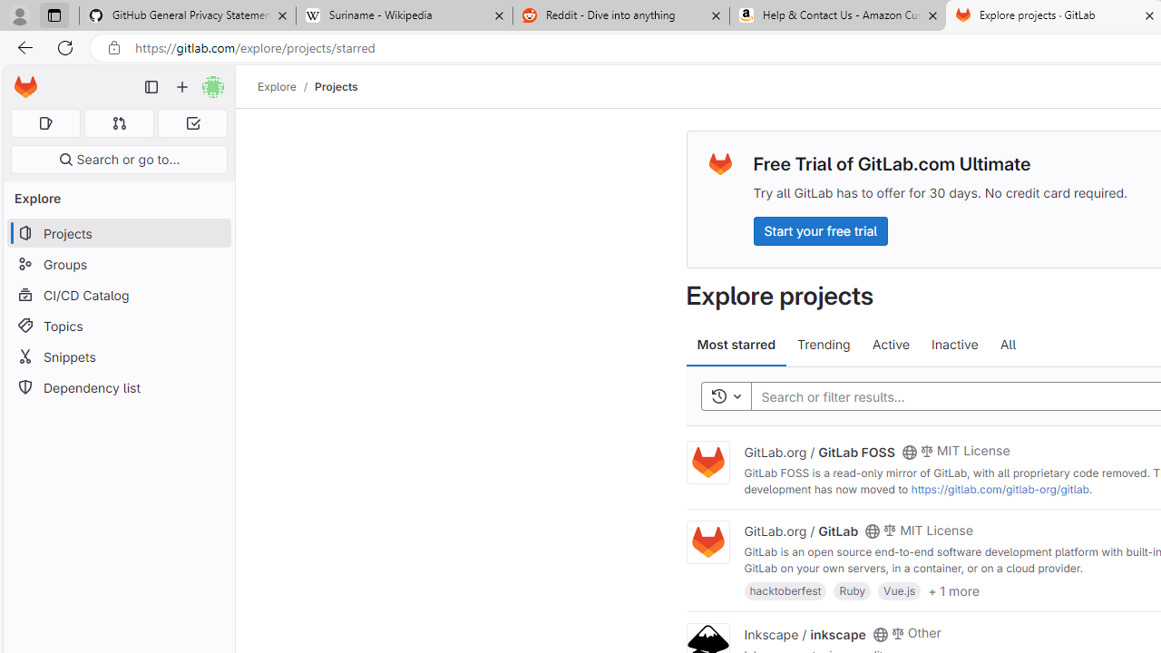 The width and height of the screenshot is (1161, 653). I want to click on 'Vue.js', so click(900, 590).